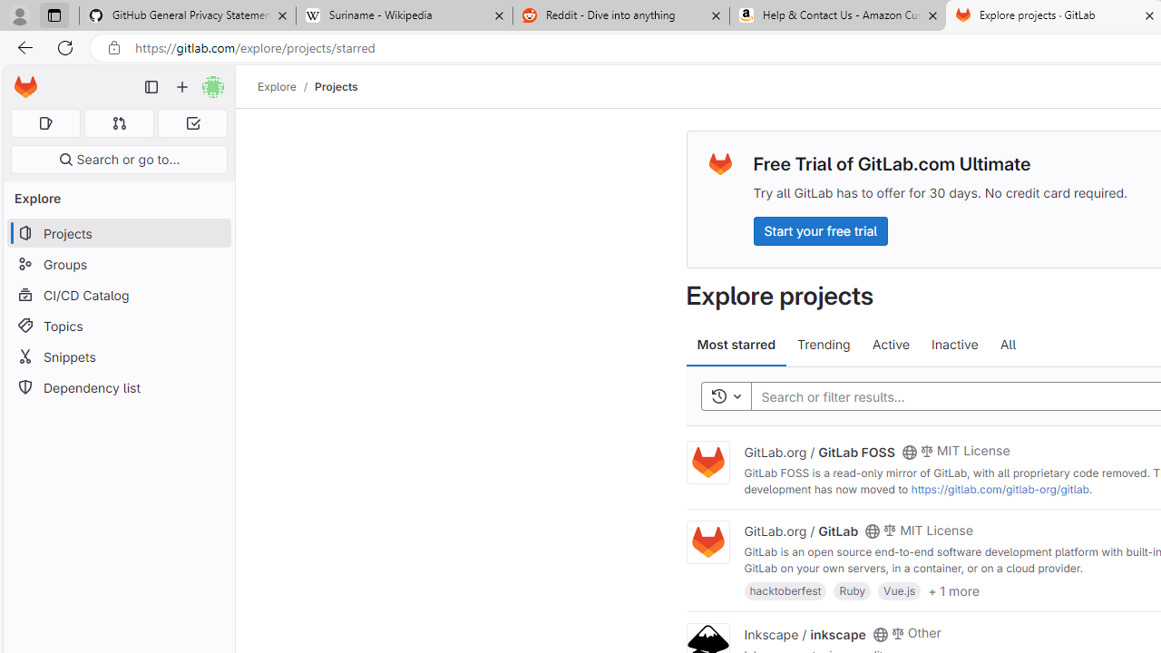 The width and height of the screenshot is (1161, 653). I want to click on 'Vue.js', so click(900, 590).